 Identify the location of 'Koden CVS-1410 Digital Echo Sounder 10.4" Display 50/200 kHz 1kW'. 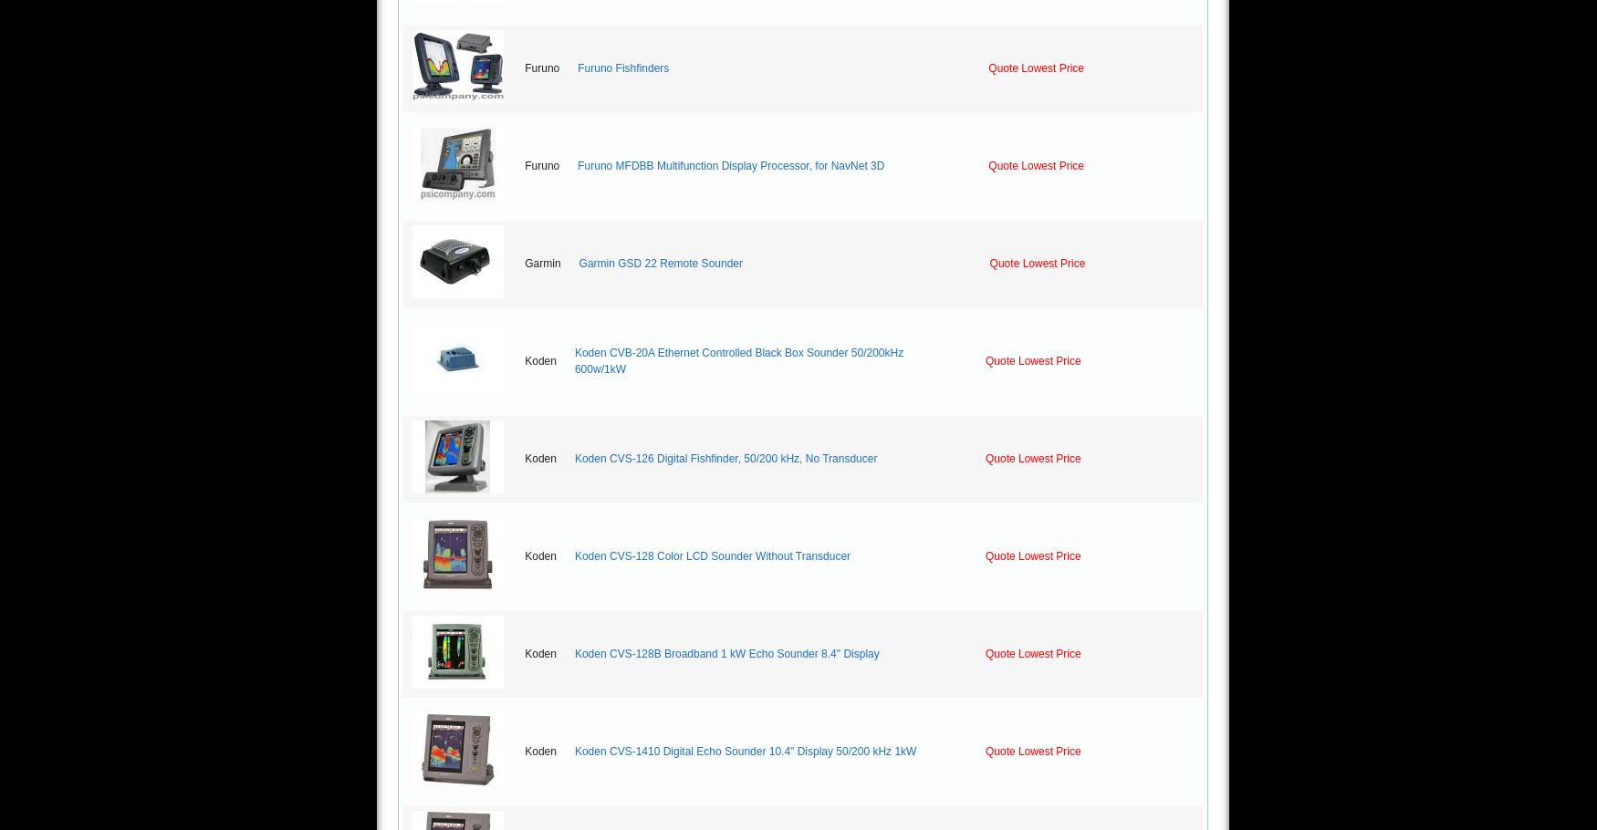
(745, 752).